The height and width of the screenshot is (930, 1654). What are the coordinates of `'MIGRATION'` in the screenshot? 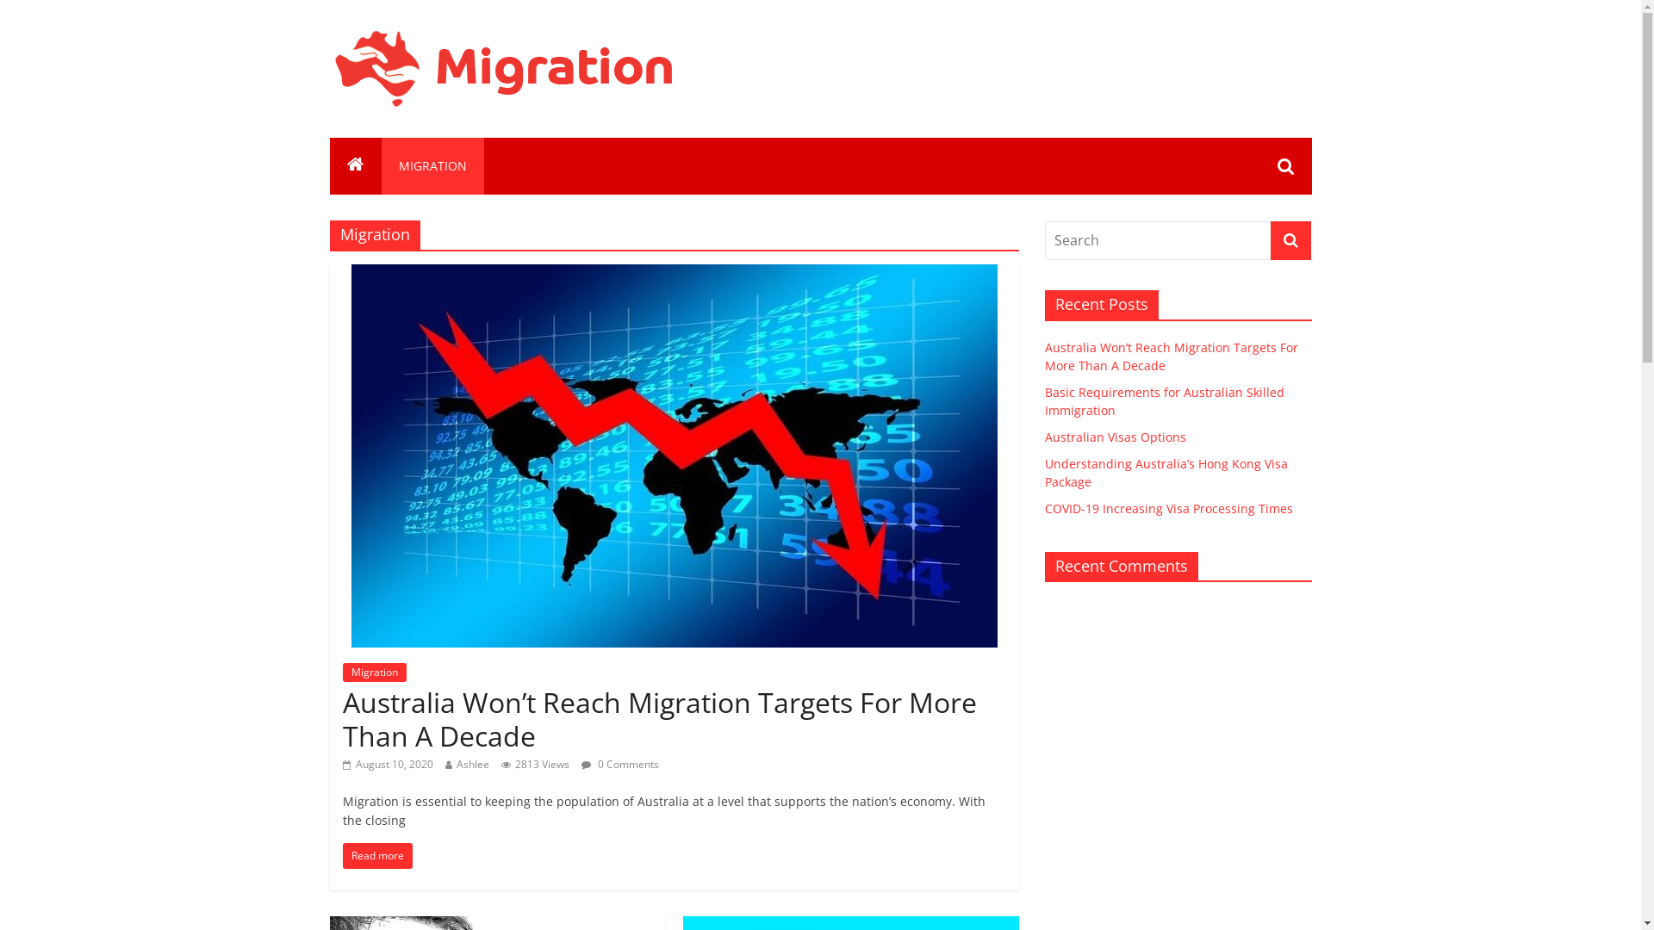 It's located at (432, 165).